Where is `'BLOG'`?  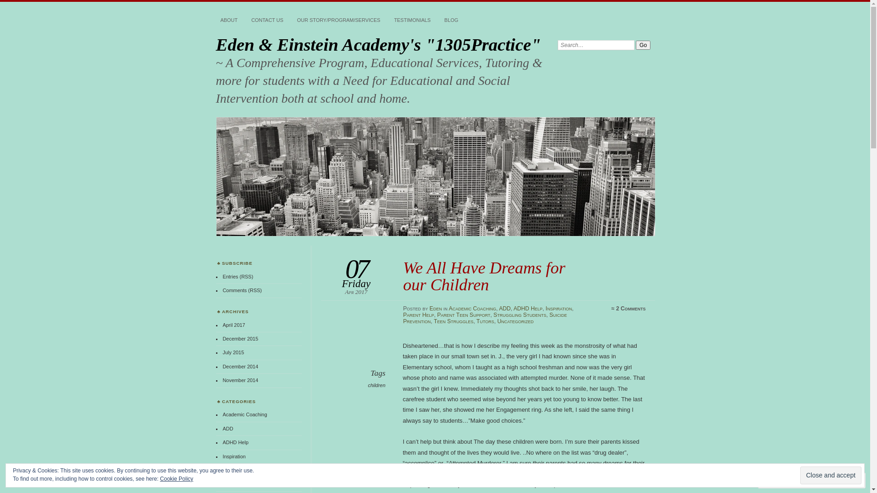 'BLOG' is located at coordinates (451, 21).